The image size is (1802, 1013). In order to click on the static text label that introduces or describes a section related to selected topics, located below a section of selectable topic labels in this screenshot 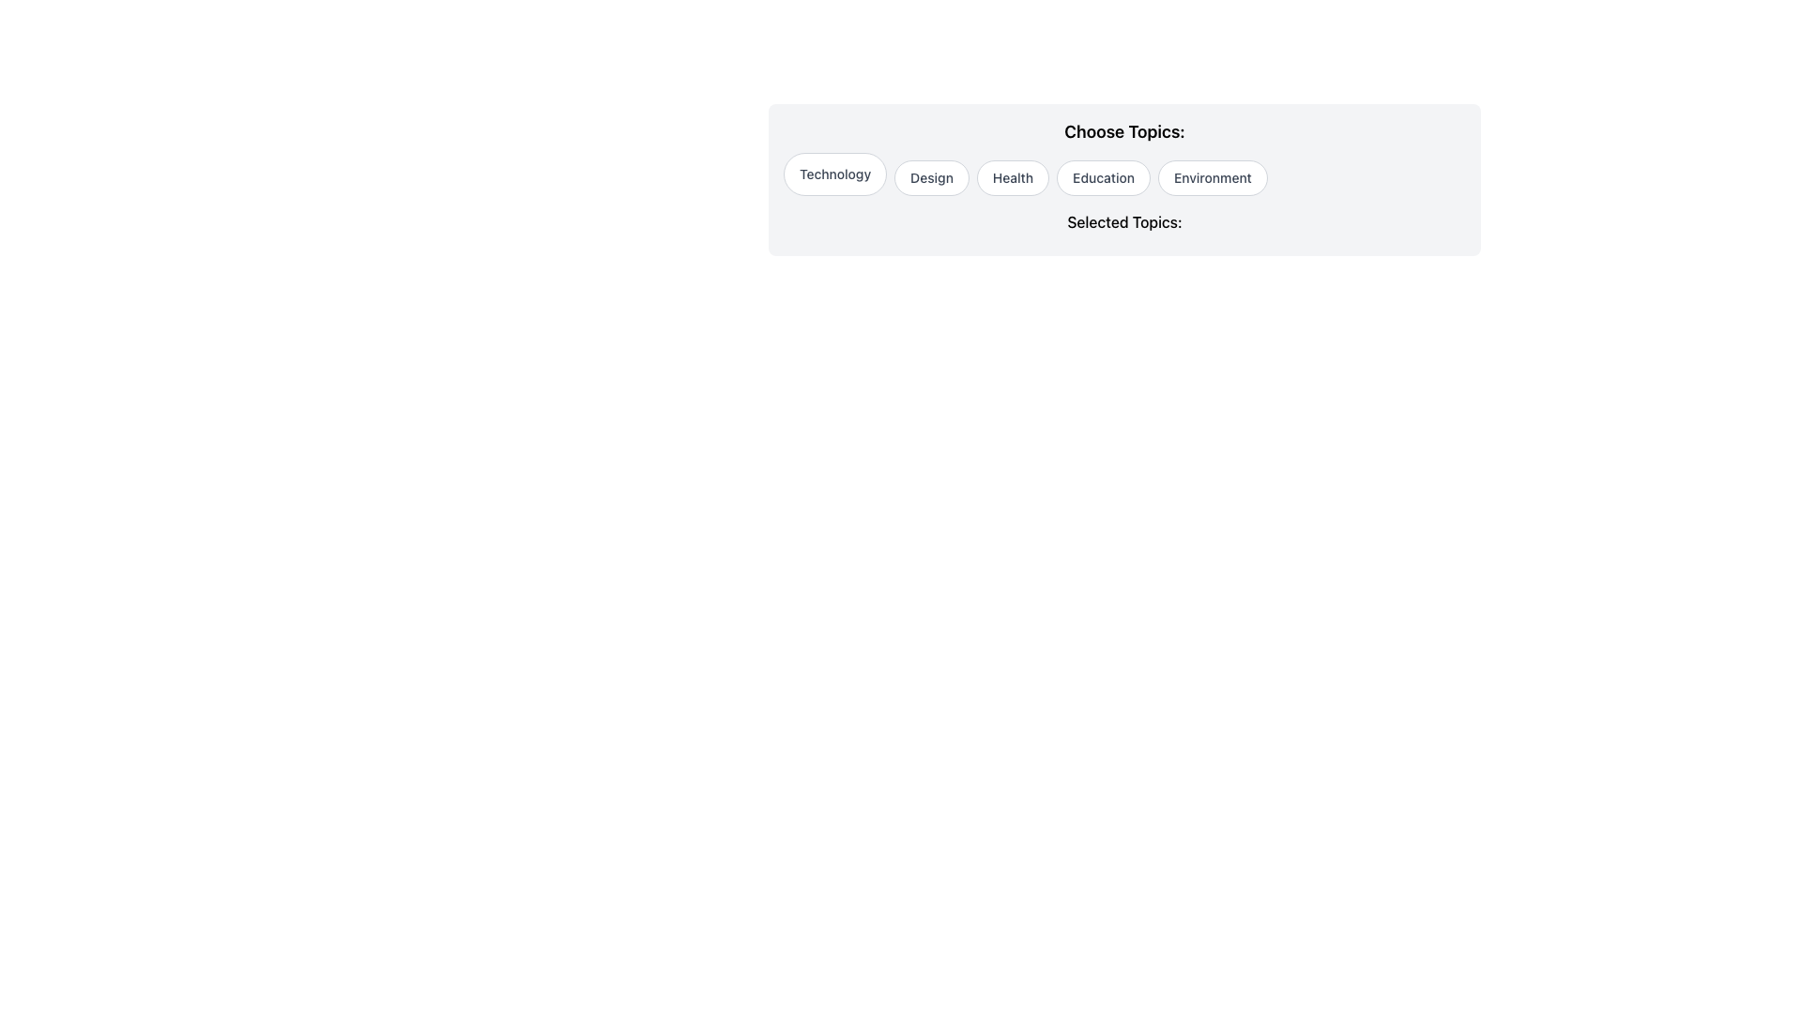, I will do `click(1124, 220)`.